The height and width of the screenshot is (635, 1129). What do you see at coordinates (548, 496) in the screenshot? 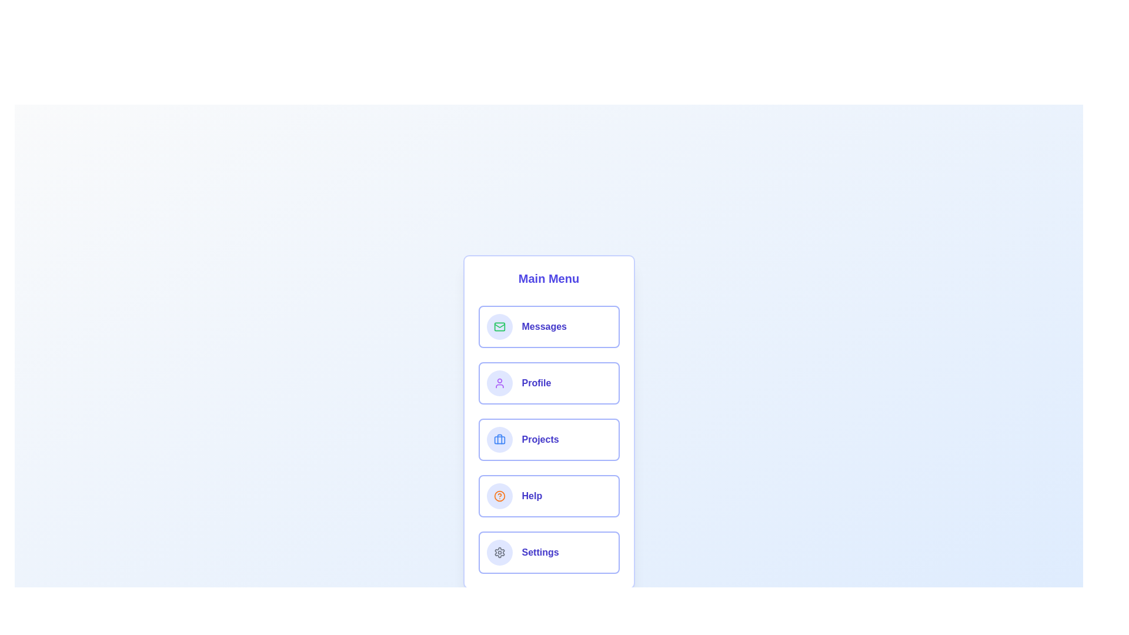
I see `the menu item labeled 'Help' to observe the hover effect` at bounding box center [548, 496].